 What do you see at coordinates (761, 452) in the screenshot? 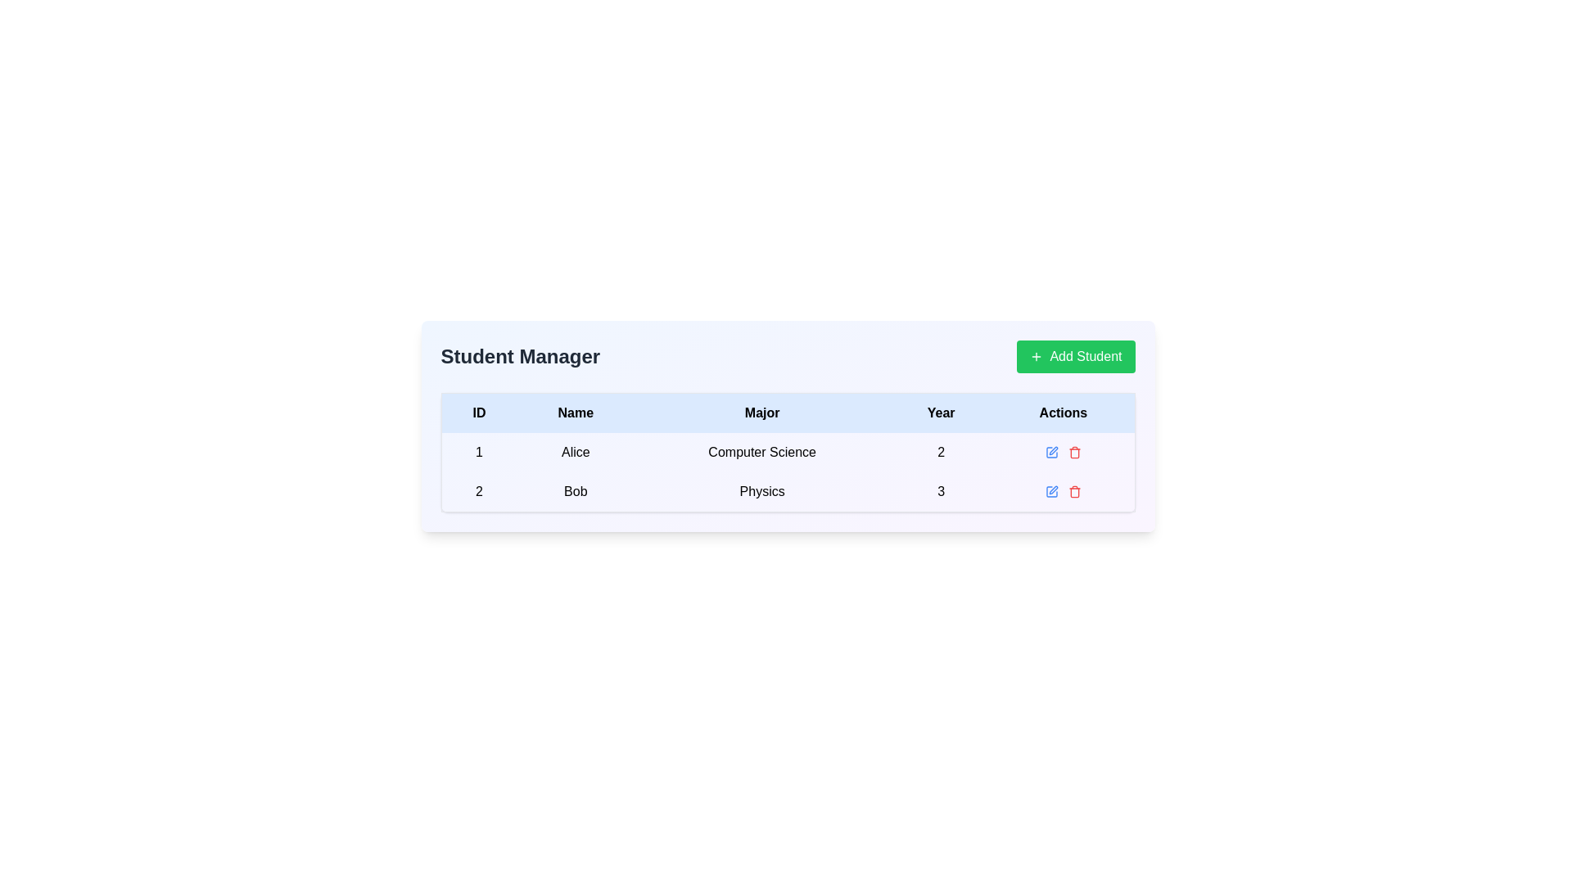
I see `the text label displaying 'Computer Science' in the third column of the first row of the table` at bounding box center [761, 452].